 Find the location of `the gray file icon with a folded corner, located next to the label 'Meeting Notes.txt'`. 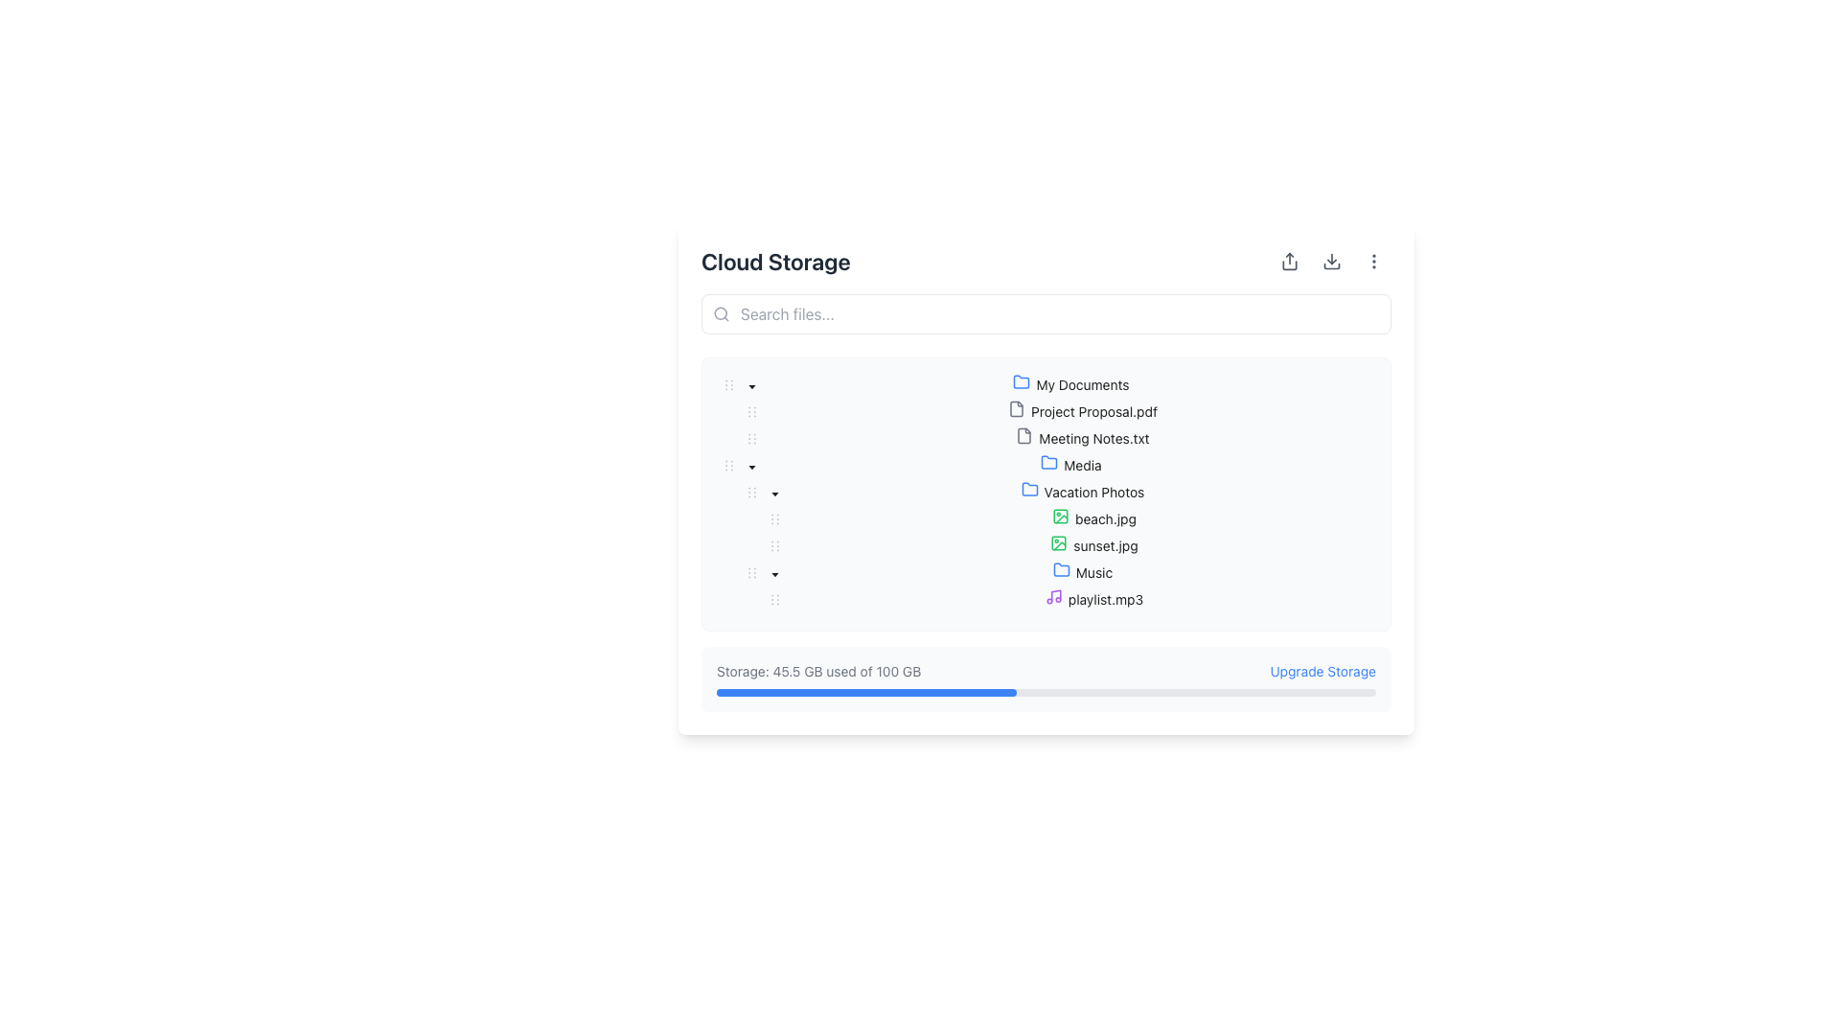

the gray file icon with a folded corner, located next to the label 'Meeting Notes.txt' is located at coordinates (1026, 439).